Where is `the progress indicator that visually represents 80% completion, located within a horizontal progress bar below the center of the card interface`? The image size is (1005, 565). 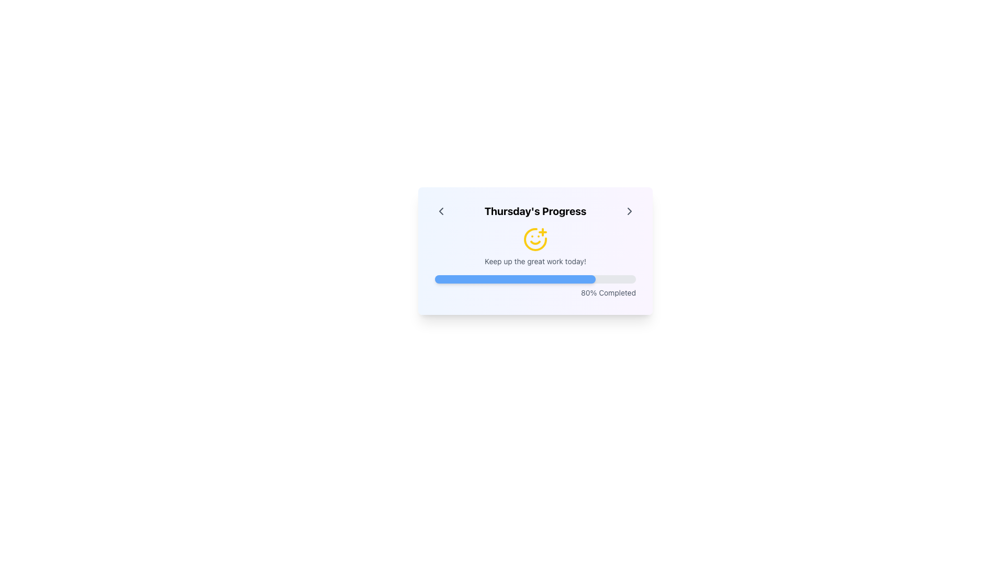 the progress indicator that visually represents 80% completion, located within a horizontal progress bar below the center of the card interface is located at coordinates (515, 278).